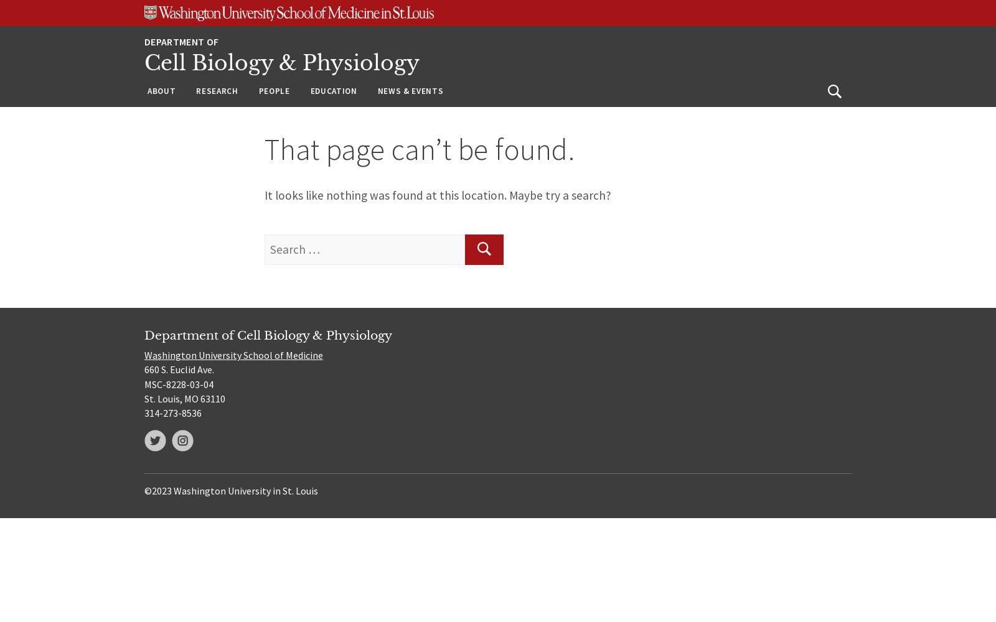 The width and height of the screenshot is (996, 622). Describe the element at coordinates (184, 193) in the screenshot. I see `'Make an Impact'` at that location.